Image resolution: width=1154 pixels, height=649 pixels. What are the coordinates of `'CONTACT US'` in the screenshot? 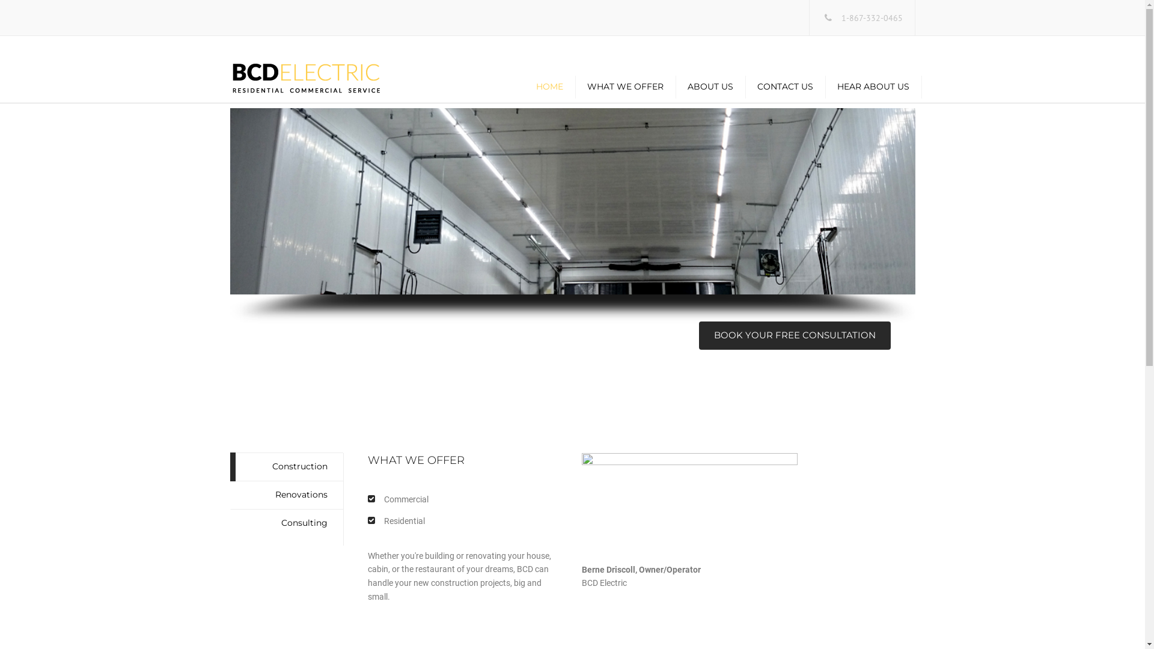 It's located at (785, 85).